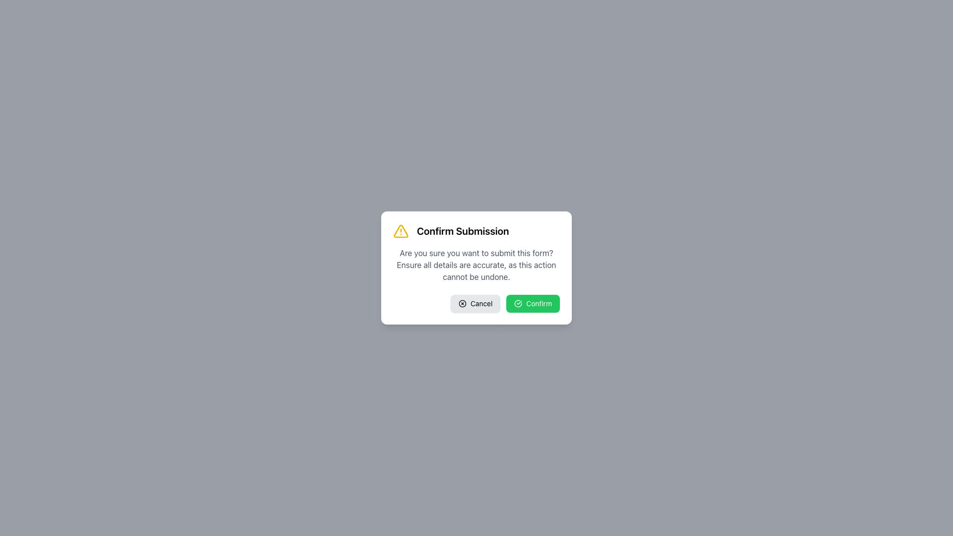  Describe the element at coordinates (462, 231) in the screenshot. I see `title text labeled 'Confirm Submission' which is prominently displayed in a dialog box, positioned centrally above an explanatory paragraph` at that location.